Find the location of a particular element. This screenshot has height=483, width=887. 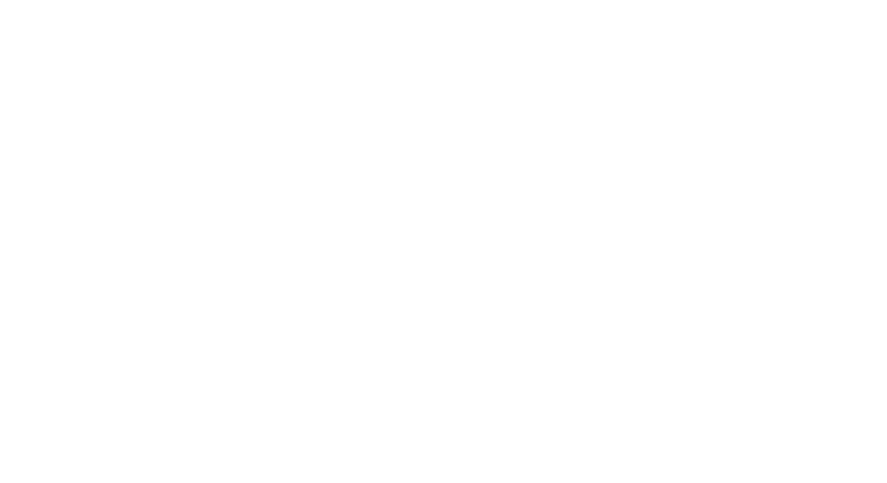

'Vitamin D – Are You Getting Enough?' is located at coordinates (495, 244).